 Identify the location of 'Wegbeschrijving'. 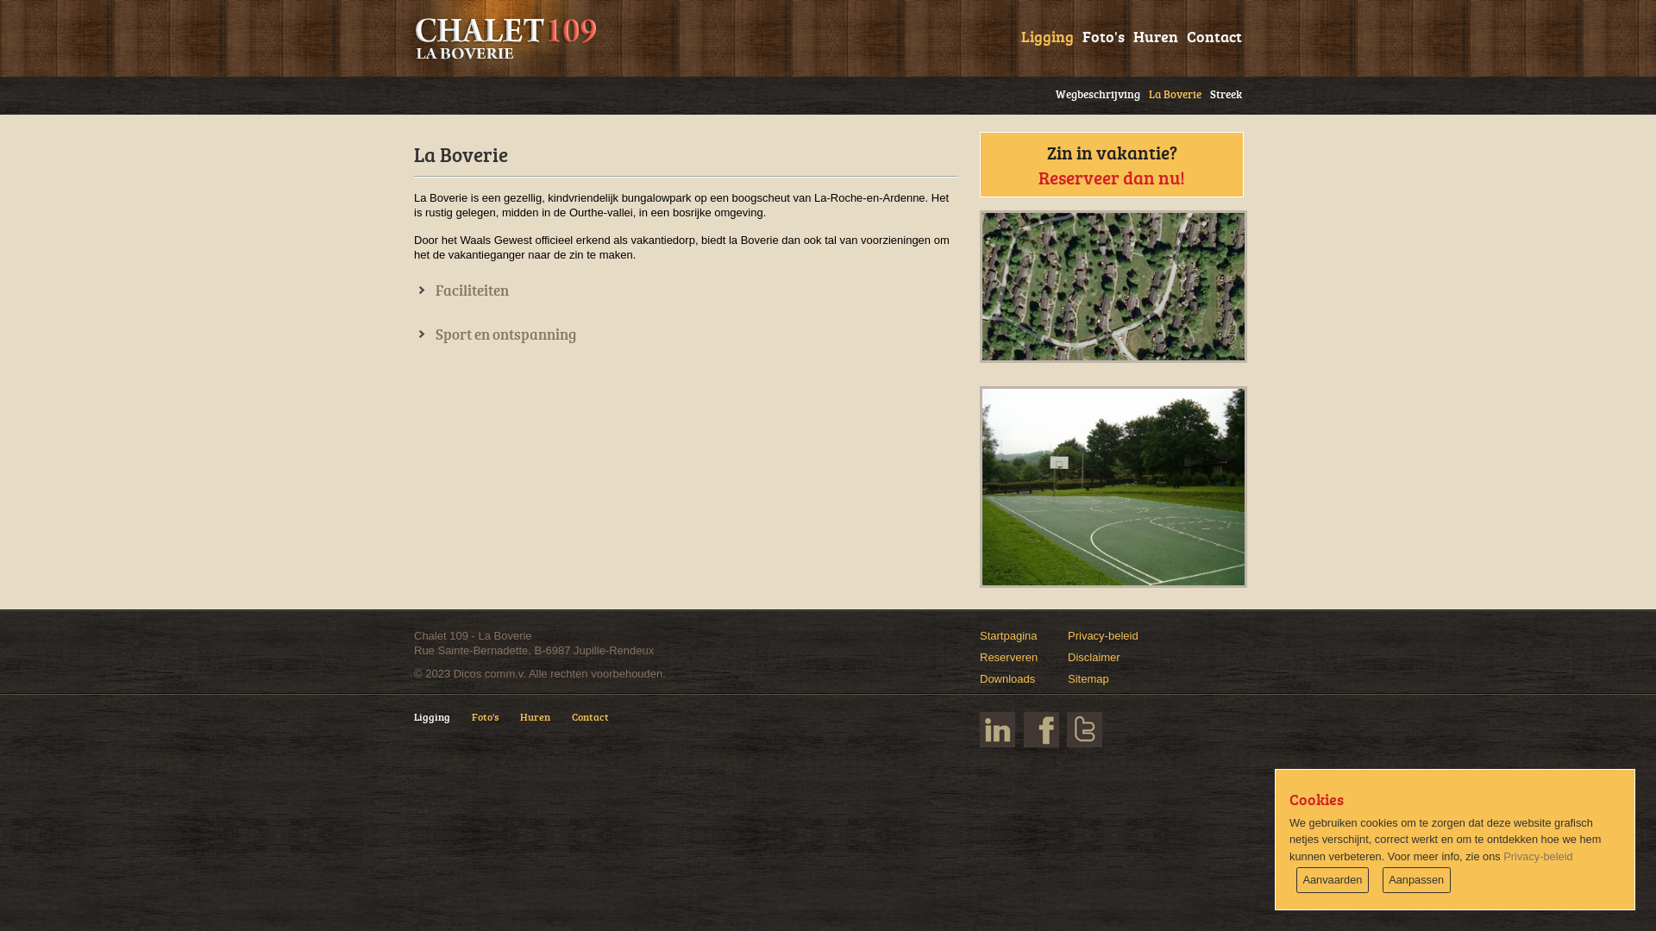
(1092, 91).